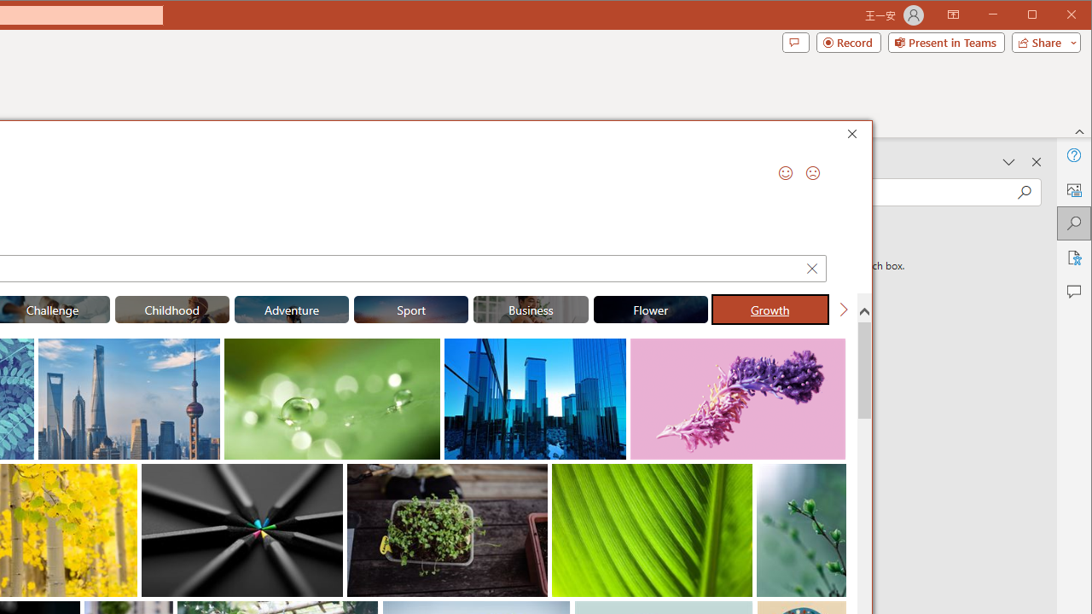 This screenshot has width=1092, height=614. I want to click on 'Share', so click(1042, 42).